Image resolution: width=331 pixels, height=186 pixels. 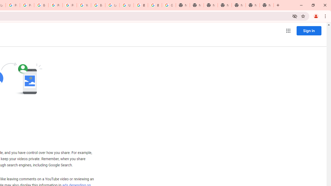 What do you see at coordinates (267, 5) in the screenshot?
I see `'New Tab'` at bounding box center [267, 5].